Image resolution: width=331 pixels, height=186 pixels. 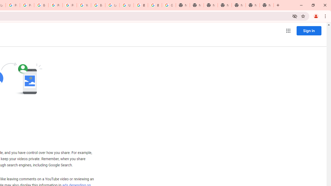 What do you see at coordinates (267, 5) in the screenshot?
I see `'New Tab'` at bounding box center [267, 5].